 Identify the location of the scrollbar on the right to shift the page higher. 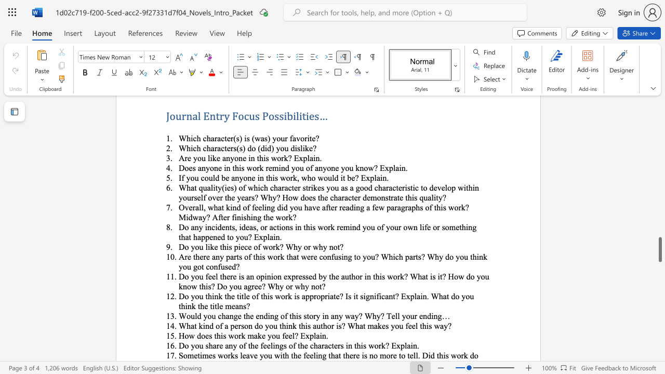
(659, 187).